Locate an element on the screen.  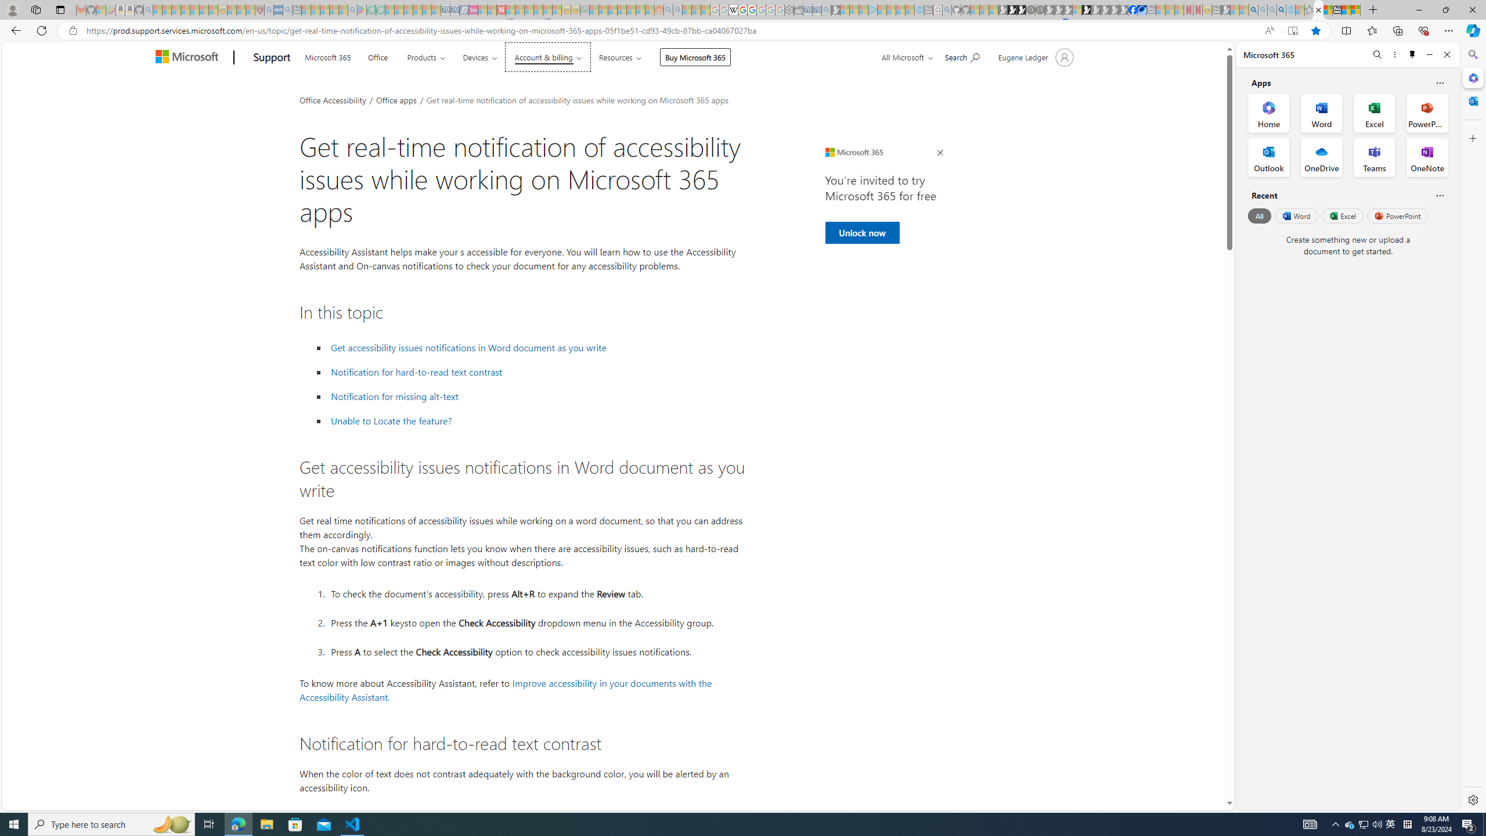
'Wallet - Sleeping' is located at coordinates (798, 9).